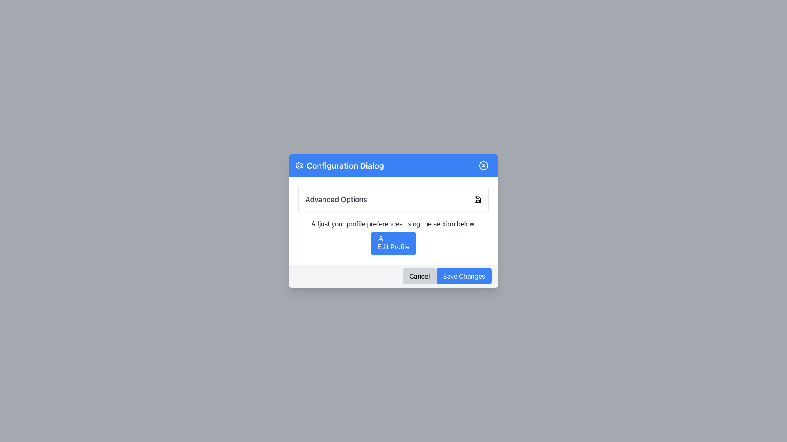 The image size is (787, 442). I want to click on the settings icon located at the top-left corner of the dialog box, next to the text 'Configuration Dialog', to interact with it, so click(298, 166).